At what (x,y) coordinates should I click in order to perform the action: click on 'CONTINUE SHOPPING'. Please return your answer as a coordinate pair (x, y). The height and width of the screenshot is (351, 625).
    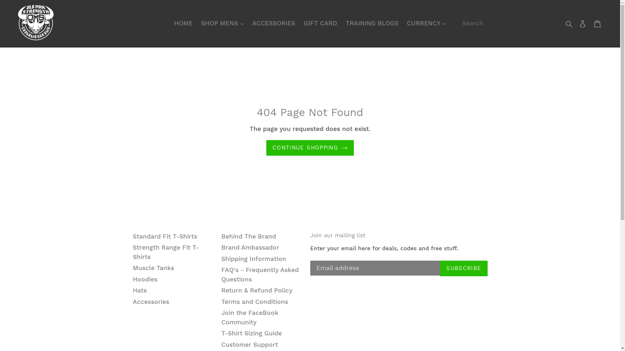
    Looking at the image, I should click on (310, 148).